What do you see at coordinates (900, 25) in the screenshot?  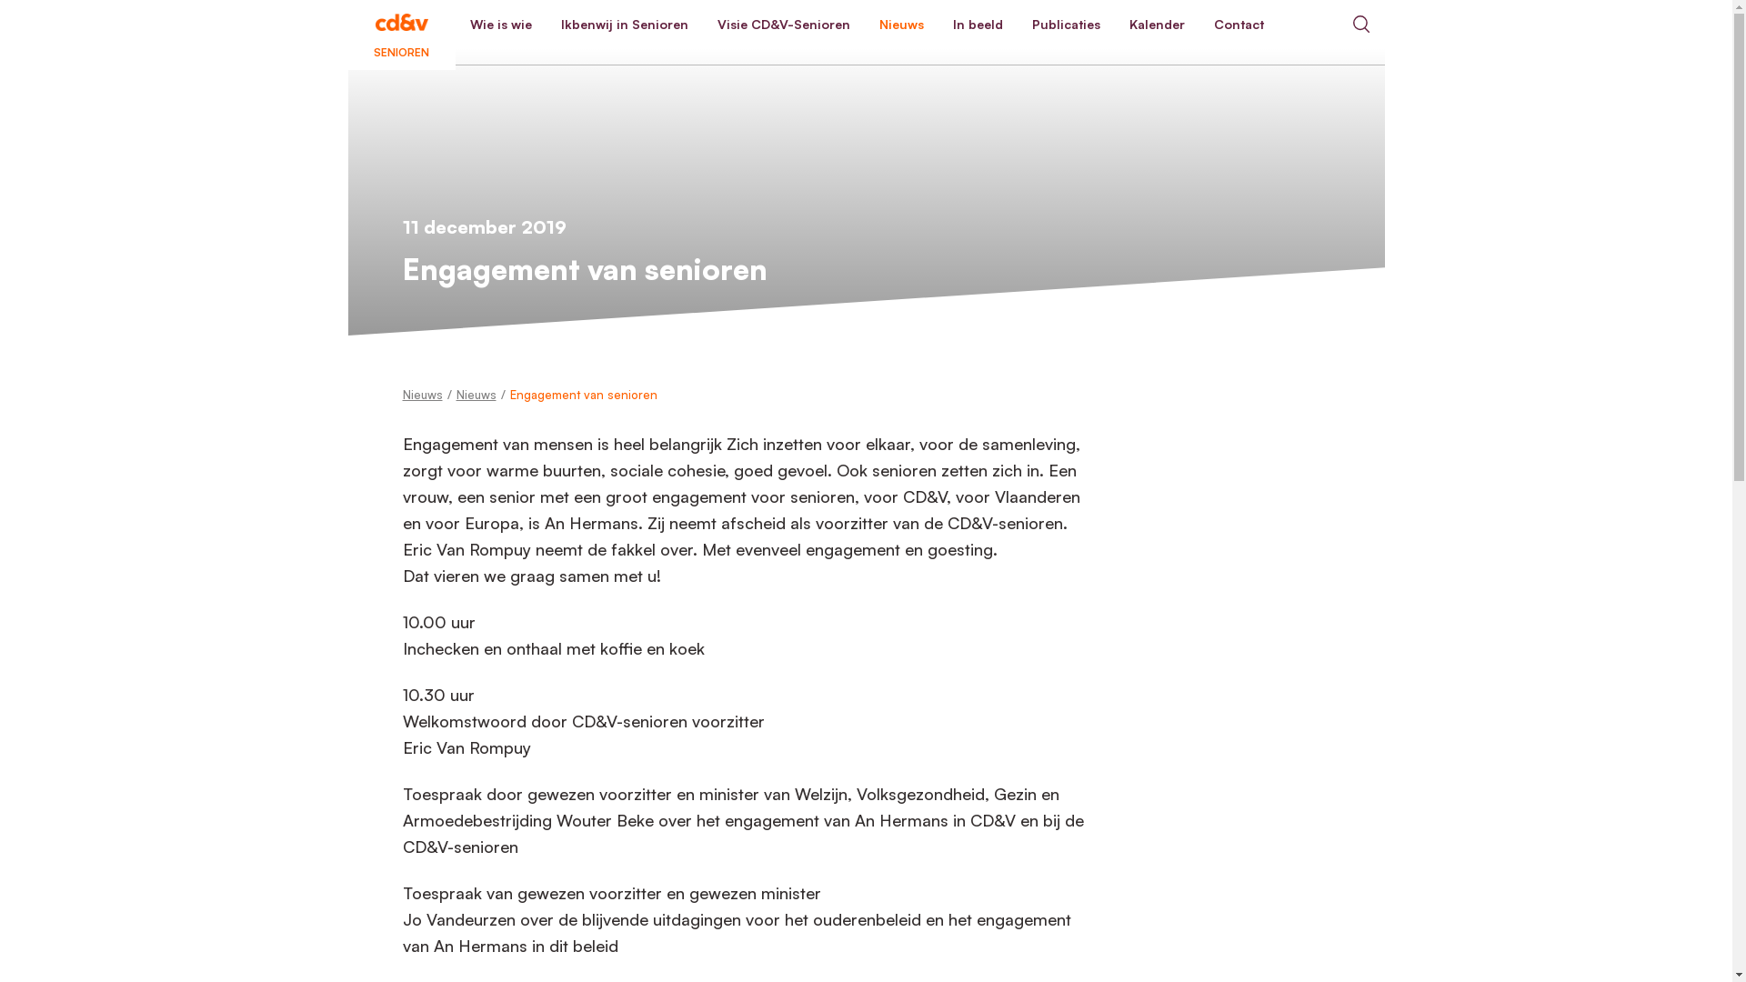 I see `'Nieuws'` at bounding box center [900, 25].